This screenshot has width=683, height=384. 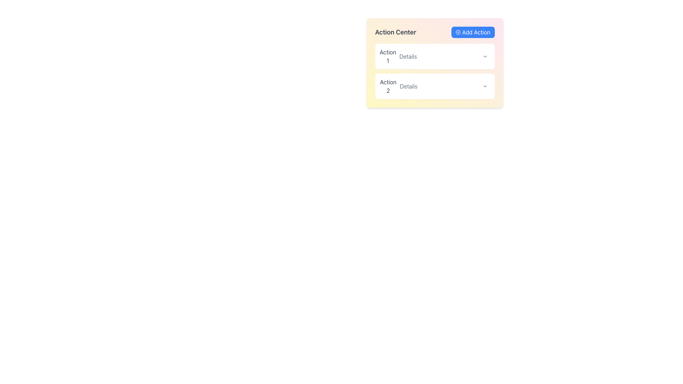 What do you see at coordinates (485, 86) in the screenshot?
I see `the Chevron-Down Icon located in the 'Details' row of the second action item` at bounding box center [485, 86].